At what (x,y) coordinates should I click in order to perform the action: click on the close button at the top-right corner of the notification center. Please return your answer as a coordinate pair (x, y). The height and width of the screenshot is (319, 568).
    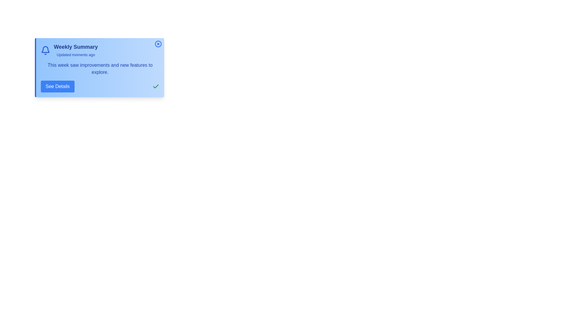
    Looking at the image, I should click on (158, 44).